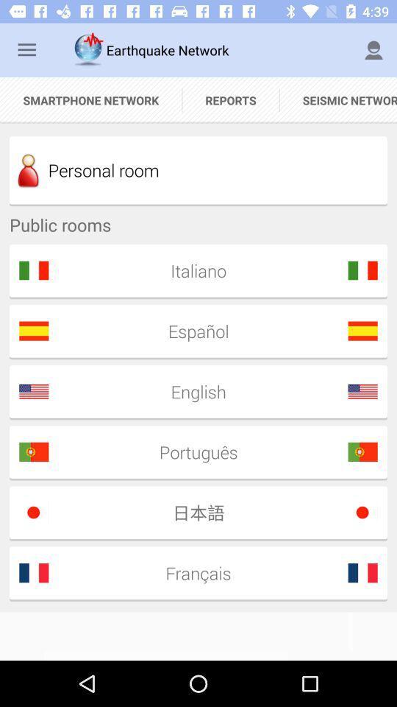 The width and height of the screenshot is (397, 707). I want to click on item above the seismic networks app, so click(373, 50).